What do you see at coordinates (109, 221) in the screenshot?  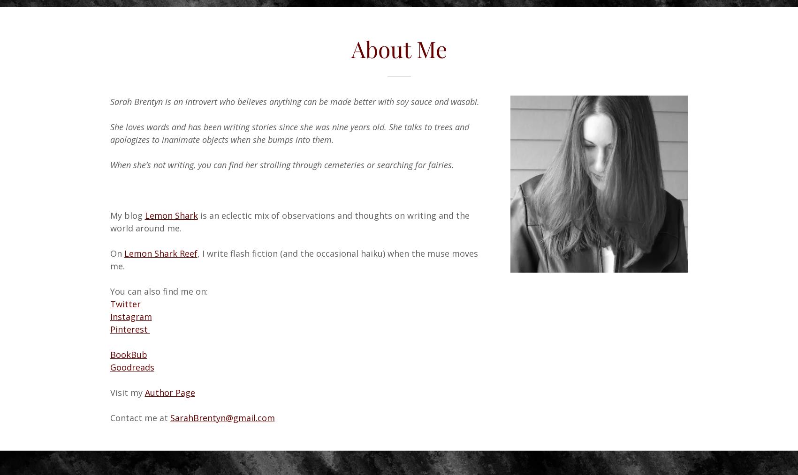 I see `'is an eclectic mix of observations and thoughts on writing and the world around me.'` at bounding box center [109, 221].